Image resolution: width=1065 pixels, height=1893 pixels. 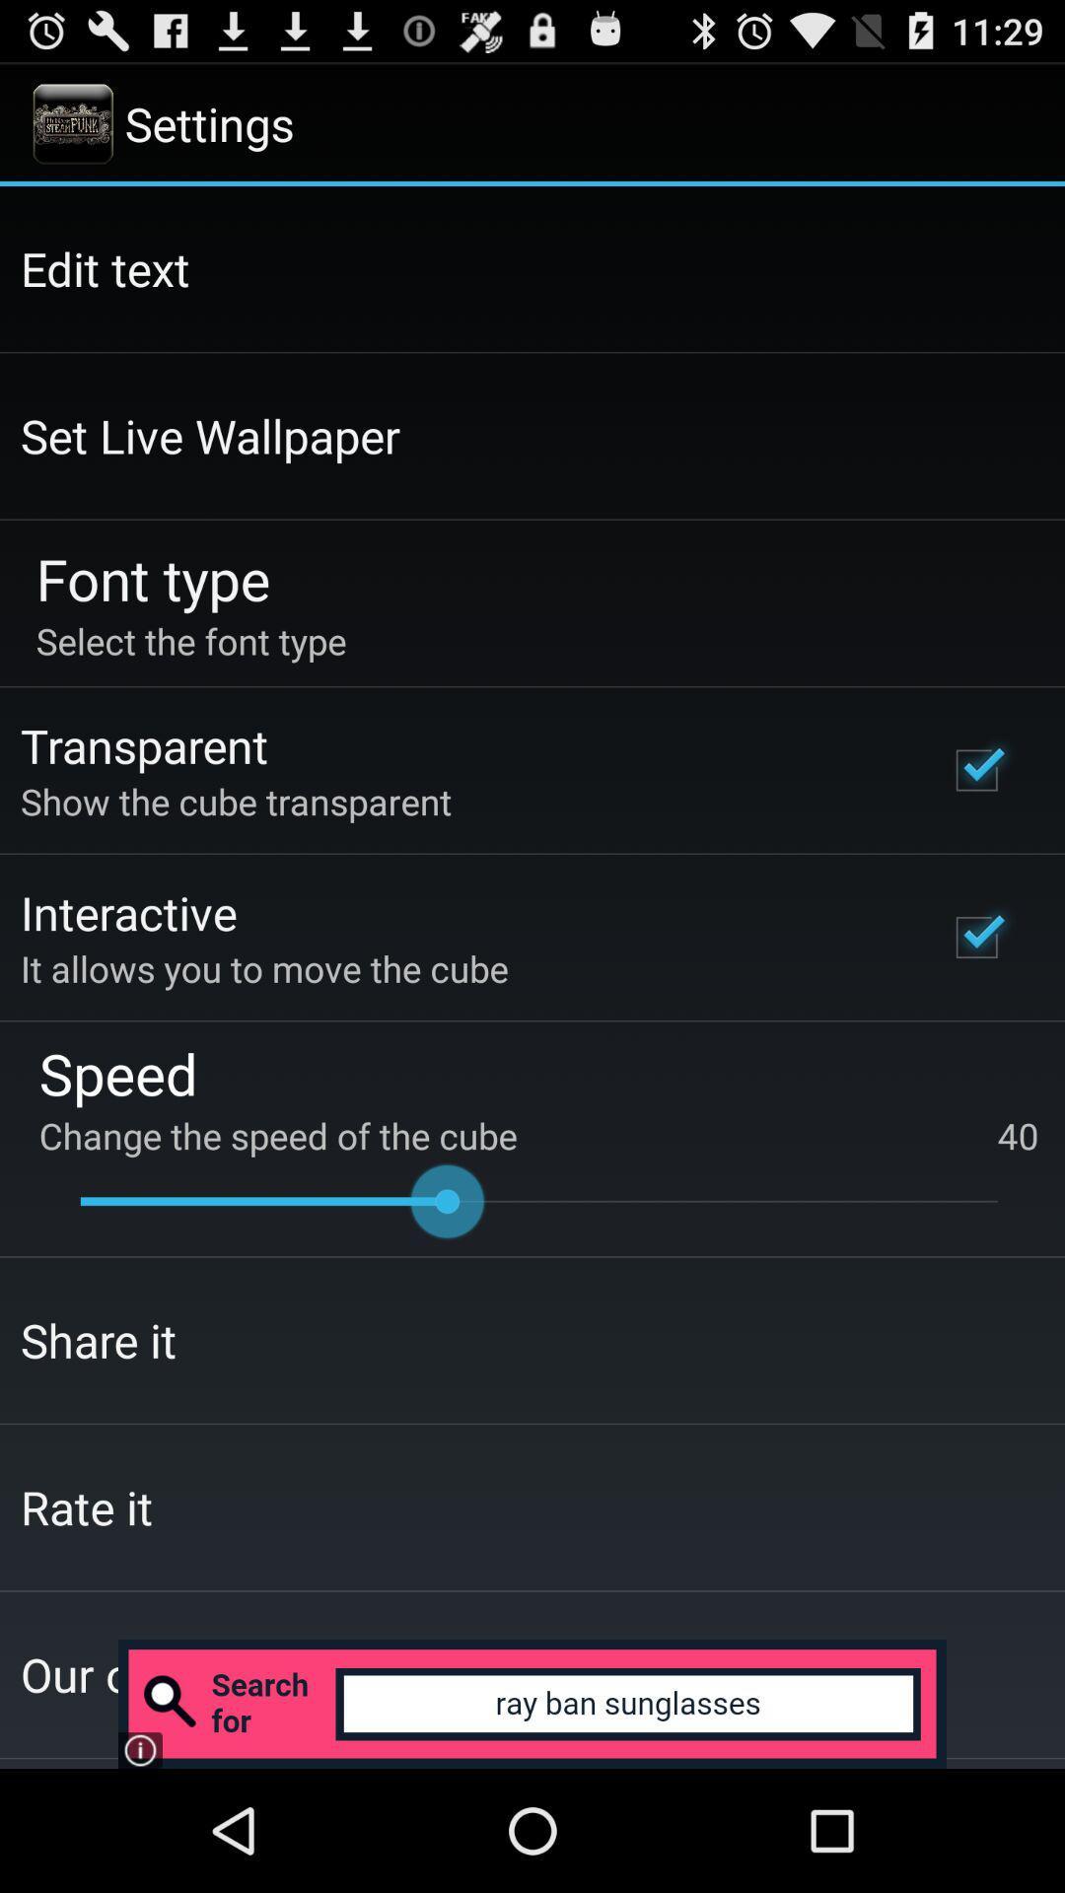 I want to click on icon above rate it, so click(x=99, y=1340).